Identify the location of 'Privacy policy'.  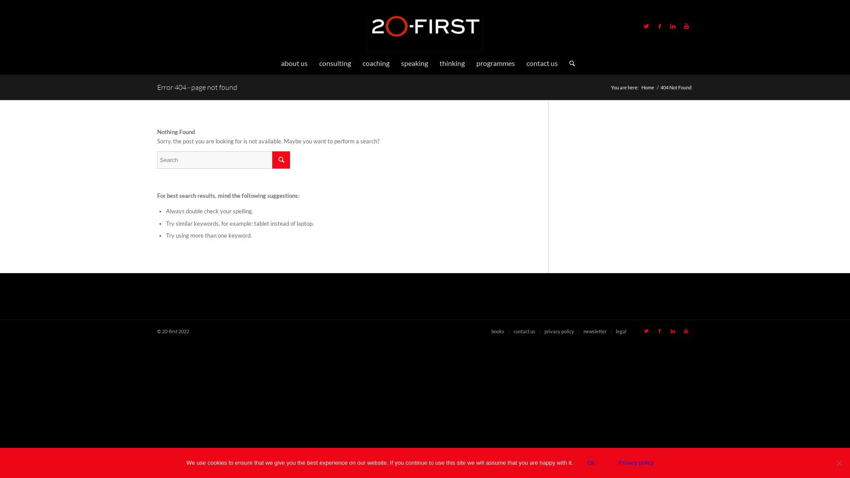
(635, 462).